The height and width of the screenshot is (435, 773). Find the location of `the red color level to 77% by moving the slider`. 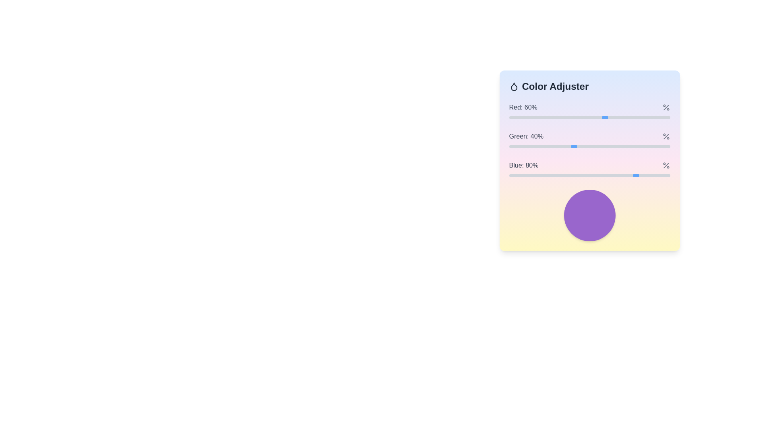

the red color level to 77% by moving the slider is located at coordinates (632, 118).